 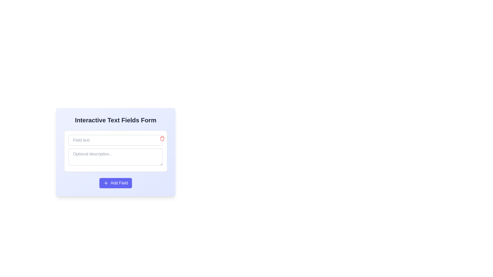 I want to click on the text area with placeholder 'Optional description...' by tabbing through the form fields, so click(x=115, y=165).